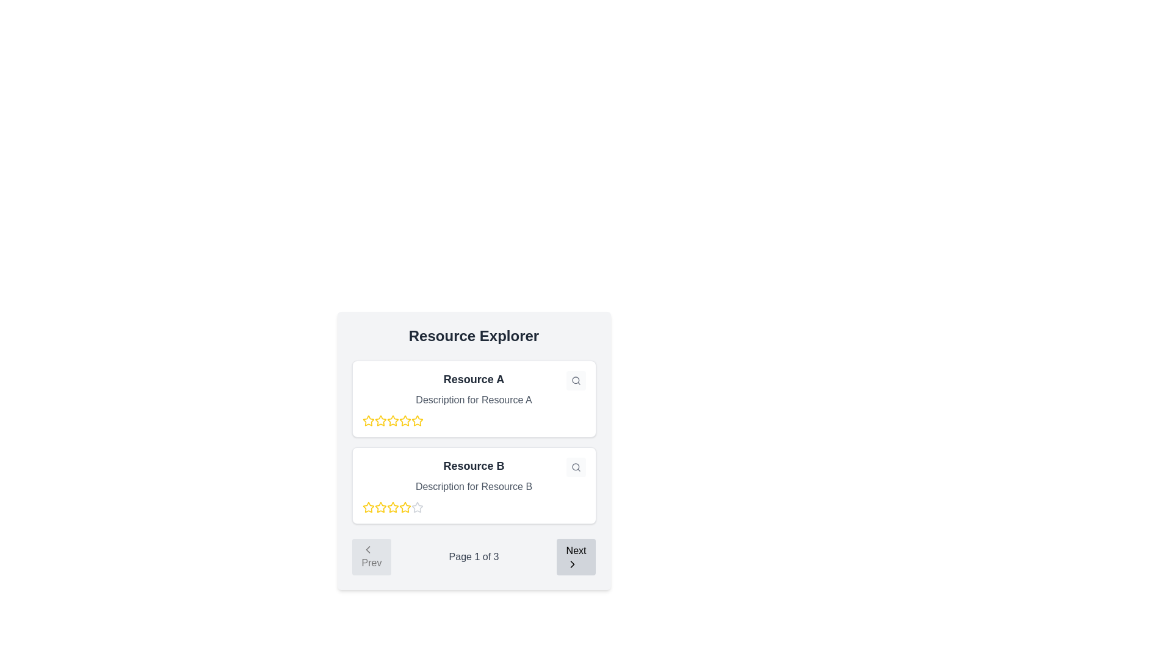  What do you see at coordinates (575, 380) in the screenshot?
I see `the square button with a light gray background and a magnifying glass icon located at the top-right corner of the card labeled 'Resource A' to potentially reveal a tooltip` at bounding box center [575, 380].